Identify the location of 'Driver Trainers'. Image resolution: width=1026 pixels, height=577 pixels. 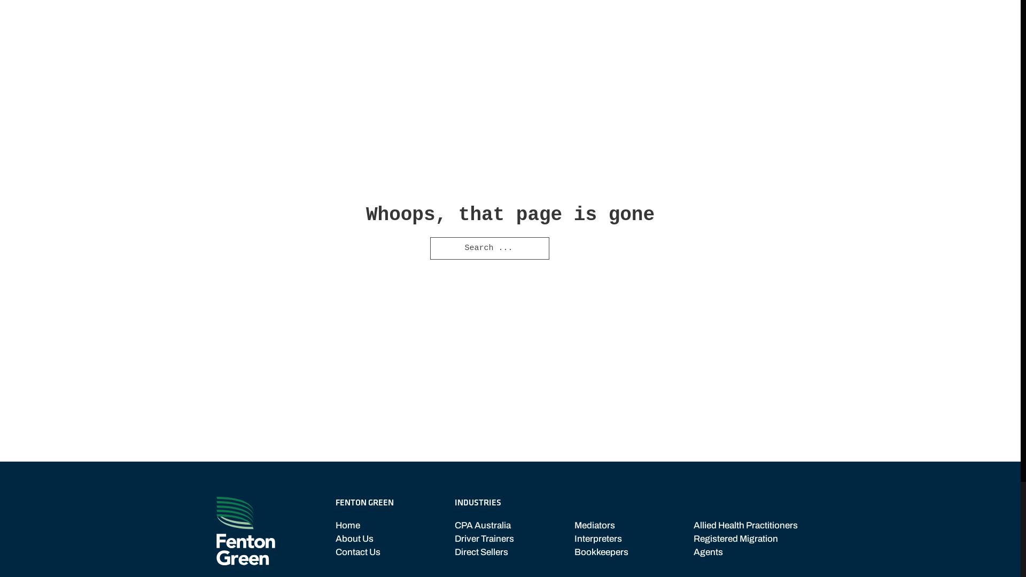
(484, 539).